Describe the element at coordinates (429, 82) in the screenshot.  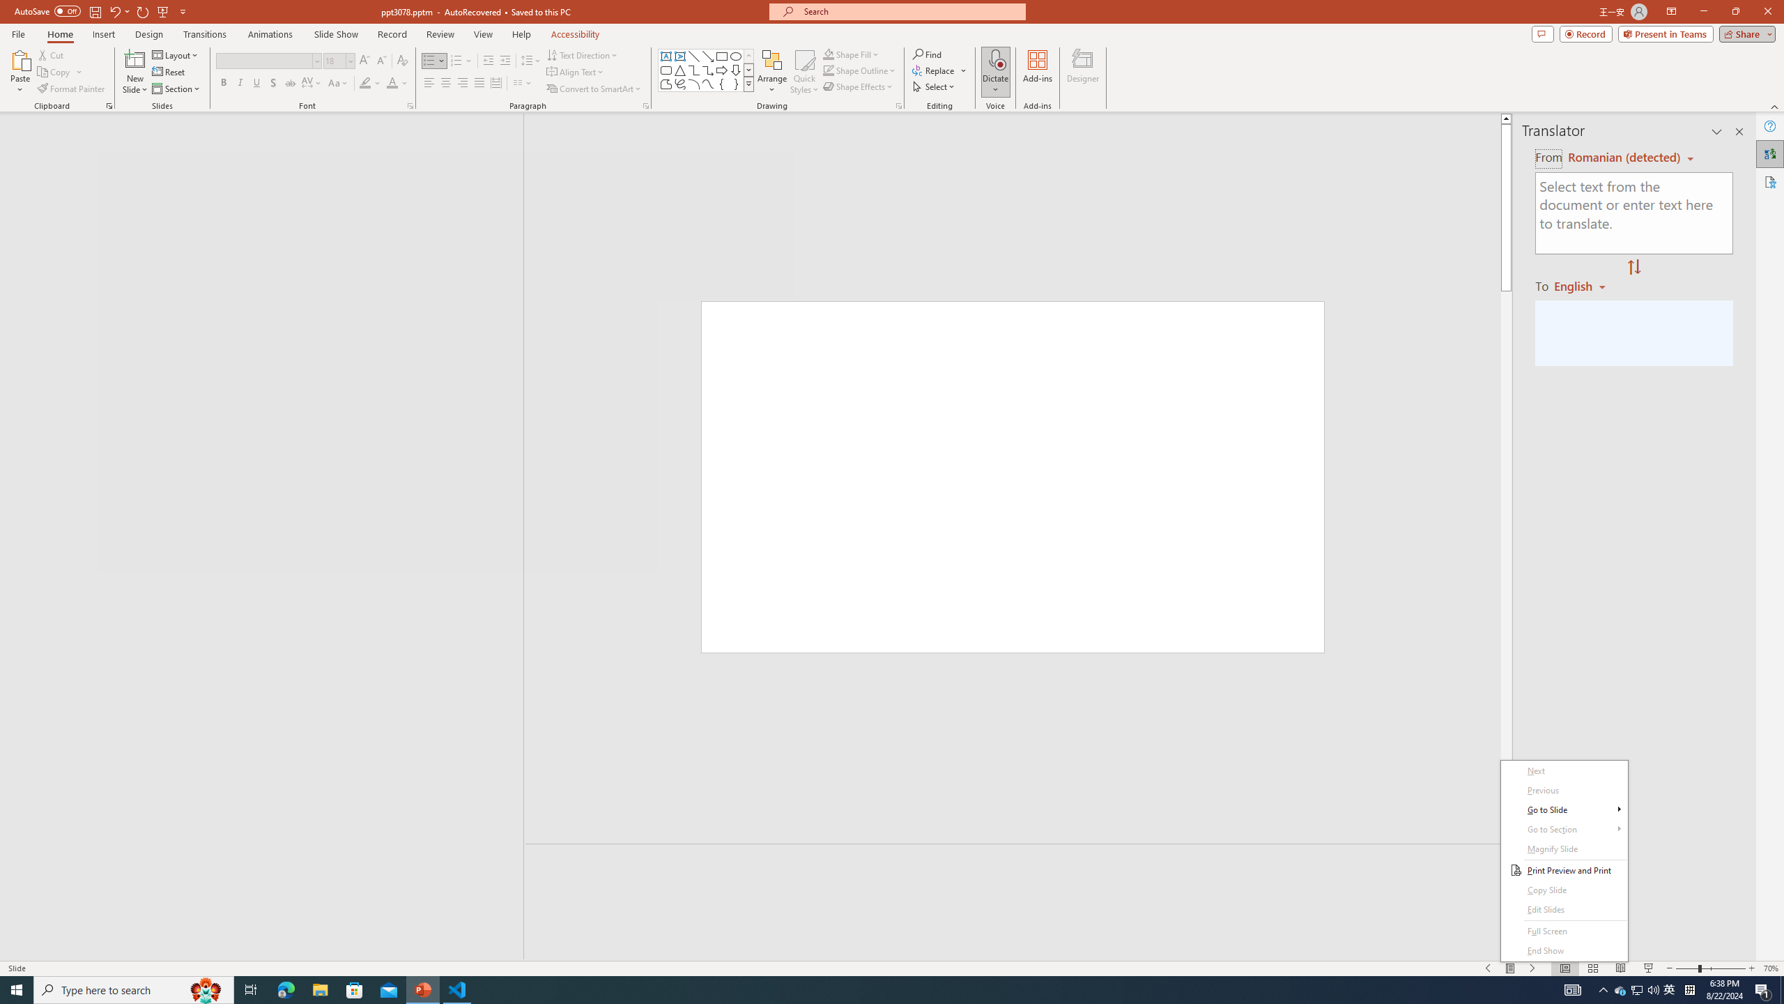
I see `'Align Left'` at that location.